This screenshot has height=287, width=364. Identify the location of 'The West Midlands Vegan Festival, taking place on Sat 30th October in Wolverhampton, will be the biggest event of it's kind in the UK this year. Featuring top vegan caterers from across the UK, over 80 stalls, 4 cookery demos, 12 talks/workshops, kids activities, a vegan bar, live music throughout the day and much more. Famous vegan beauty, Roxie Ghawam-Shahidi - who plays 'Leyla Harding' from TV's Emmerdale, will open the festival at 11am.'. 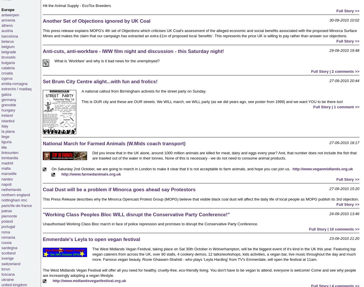
(224, 254).